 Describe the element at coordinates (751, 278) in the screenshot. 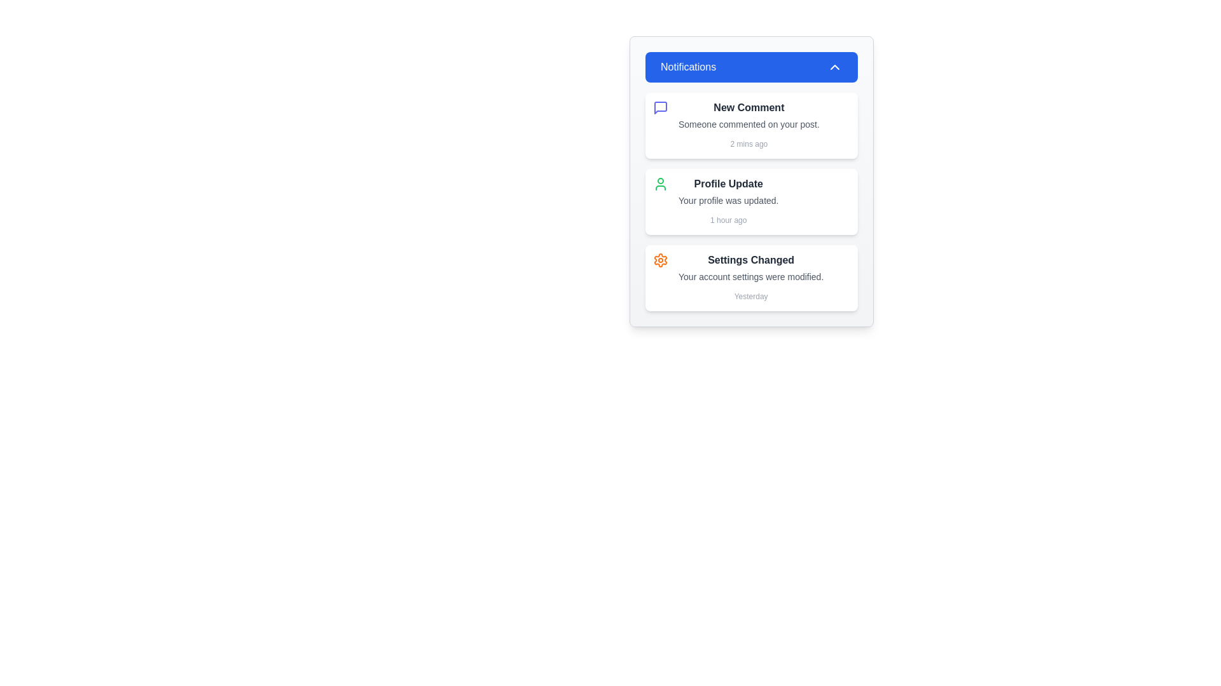

I see `notification text titled 'Settings Changed', which contains the description 'Your account settings were modified.' and the time indicator 'Yesterday'` at that location.